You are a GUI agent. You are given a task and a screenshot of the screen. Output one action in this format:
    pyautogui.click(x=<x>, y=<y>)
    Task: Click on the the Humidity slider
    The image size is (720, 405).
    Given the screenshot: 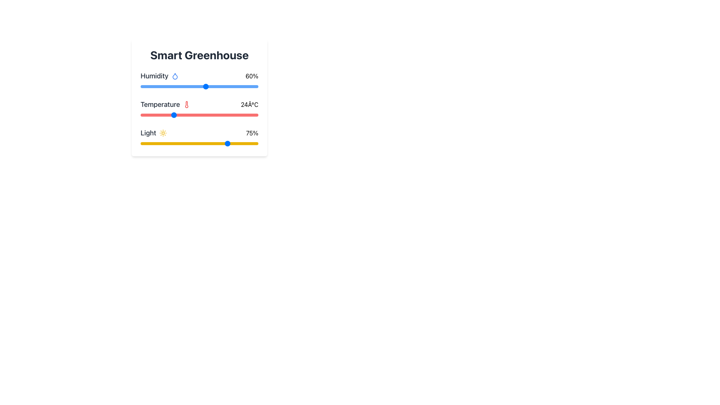 What is the action you would take?
    pyautogui.click(x=195, y=86)
    